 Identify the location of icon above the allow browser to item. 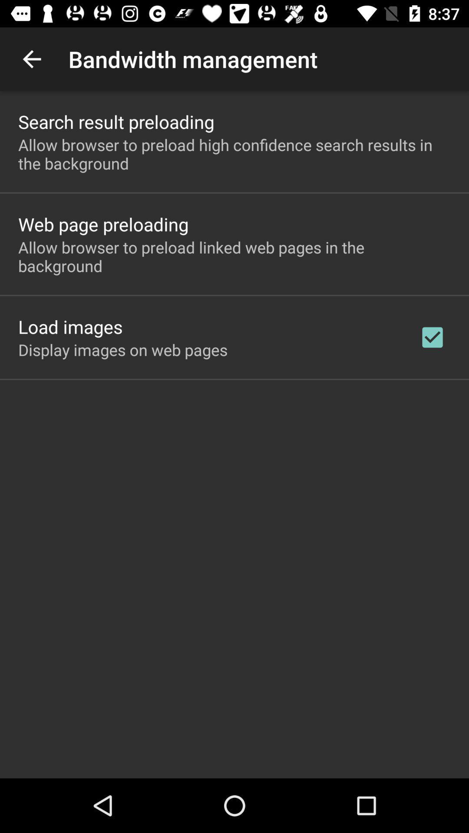
(103, 224).